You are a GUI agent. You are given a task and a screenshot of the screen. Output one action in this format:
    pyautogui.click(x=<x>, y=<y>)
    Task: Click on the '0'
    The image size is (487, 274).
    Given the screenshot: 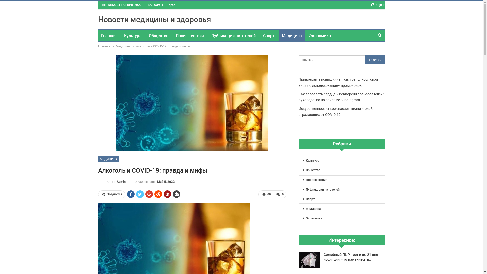 What is the action you would take?
    pyautogui.click(x=280, y=194)
    